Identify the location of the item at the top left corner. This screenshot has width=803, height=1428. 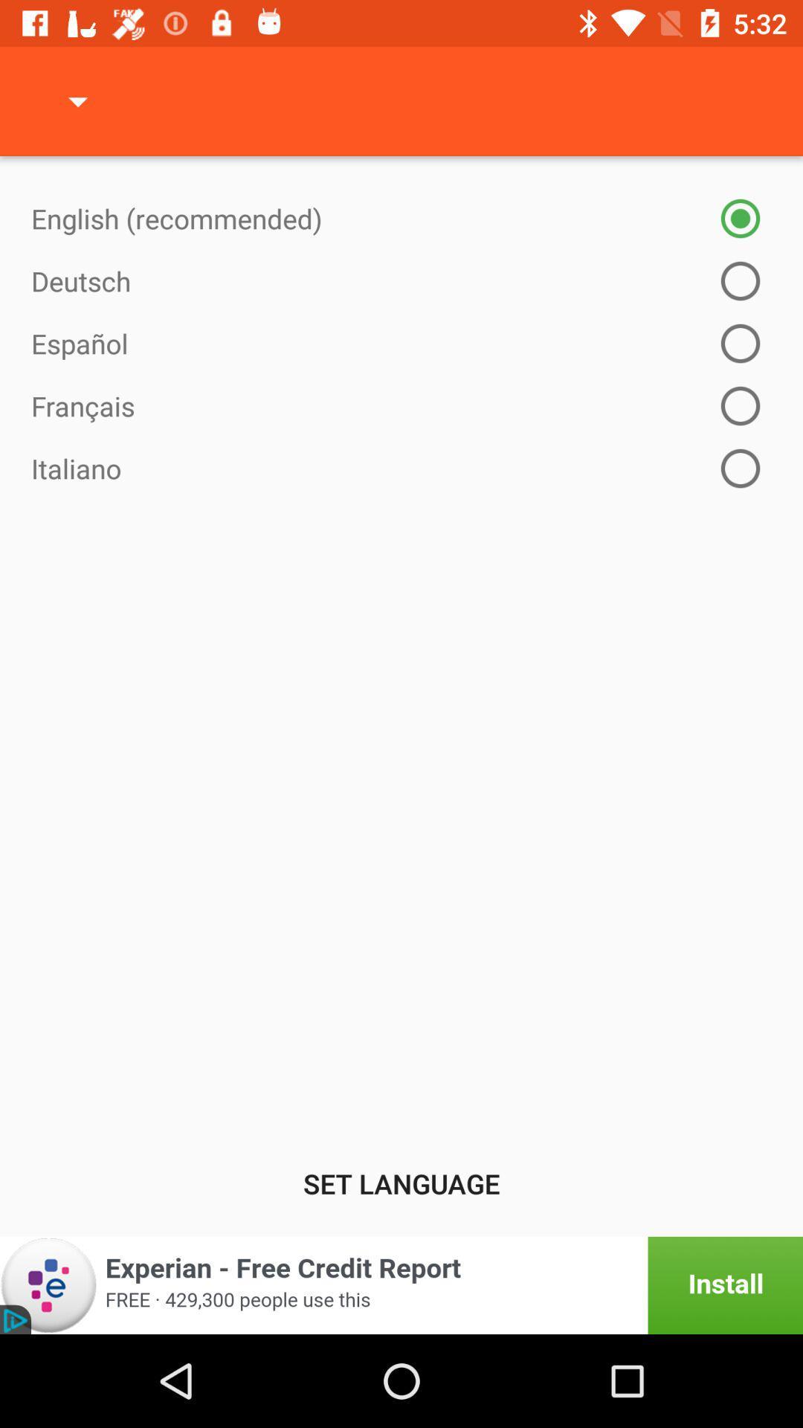
(77, 100).